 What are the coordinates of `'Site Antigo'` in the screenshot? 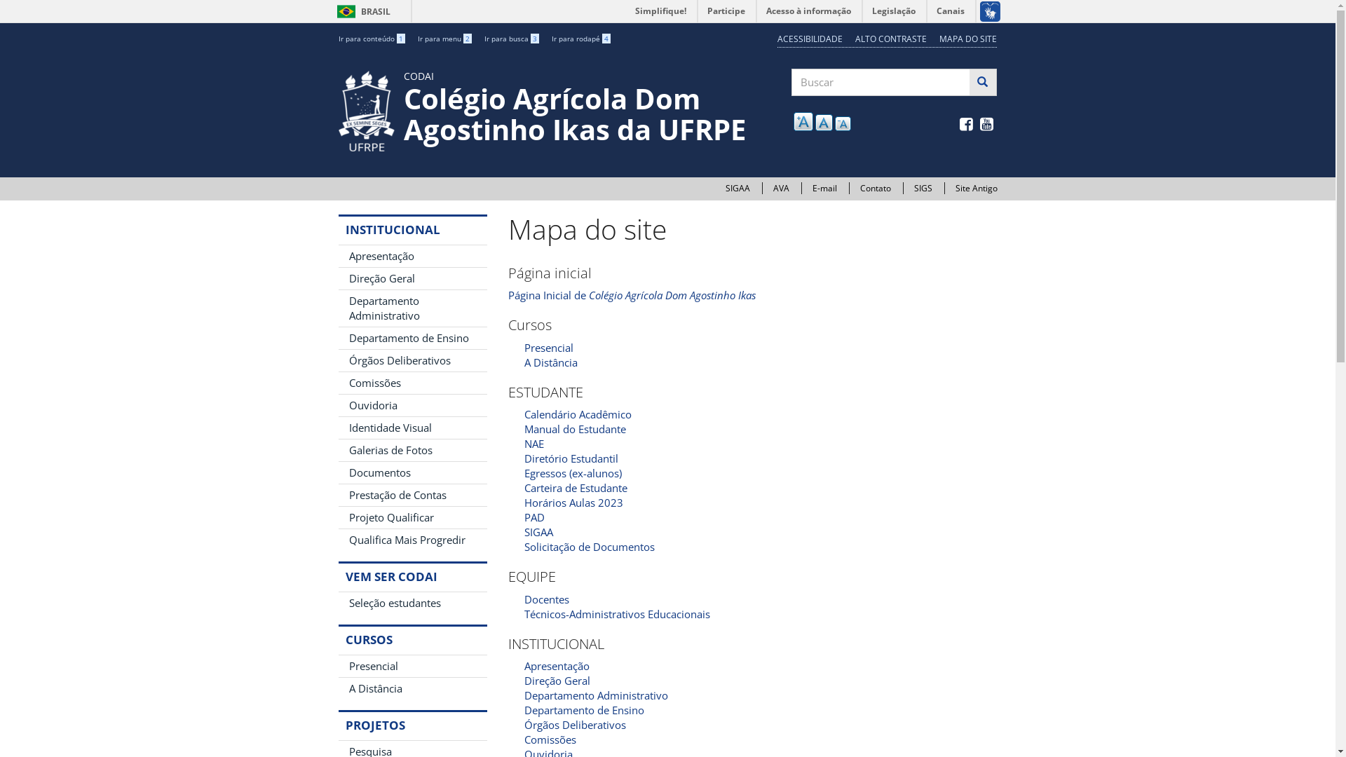 It's located at (975, 187).